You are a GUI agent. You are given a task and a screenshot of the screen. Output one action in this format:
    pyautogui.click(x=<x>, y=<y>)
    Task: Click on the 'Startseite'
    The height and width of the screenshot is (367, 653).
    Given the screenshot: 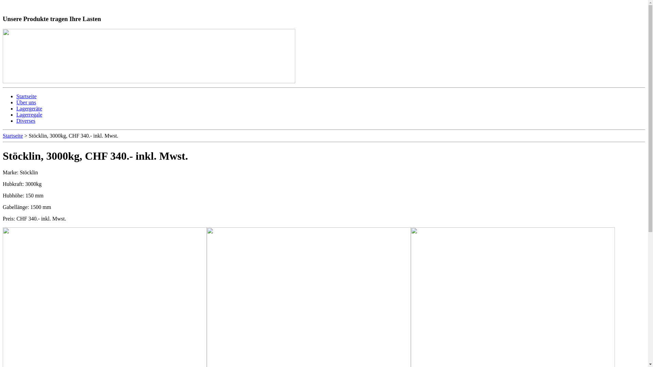 What is the action you would take?
    pyautogui.click(x=26, y=96)
    